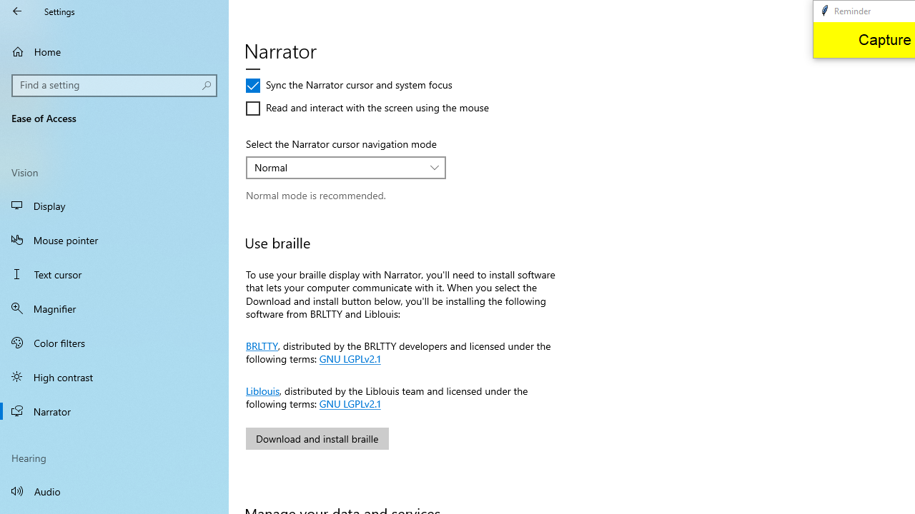 The width and height of the screenshot is (915, 514). Describe the element at coordinates (114, 274) in the screenshot. I see `'Text cursor'` at that location.